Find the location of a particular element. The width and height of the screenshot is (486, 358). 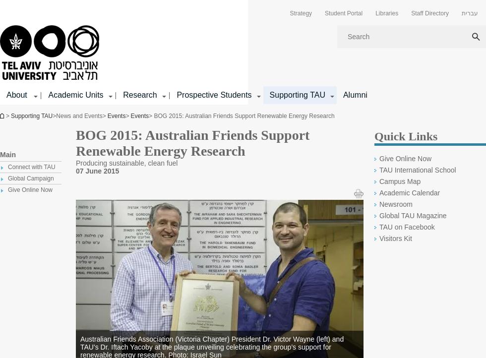

'> BOG 2015: Australian Friends Support Renewable Energy Research' is located at coordinates (241, 116).